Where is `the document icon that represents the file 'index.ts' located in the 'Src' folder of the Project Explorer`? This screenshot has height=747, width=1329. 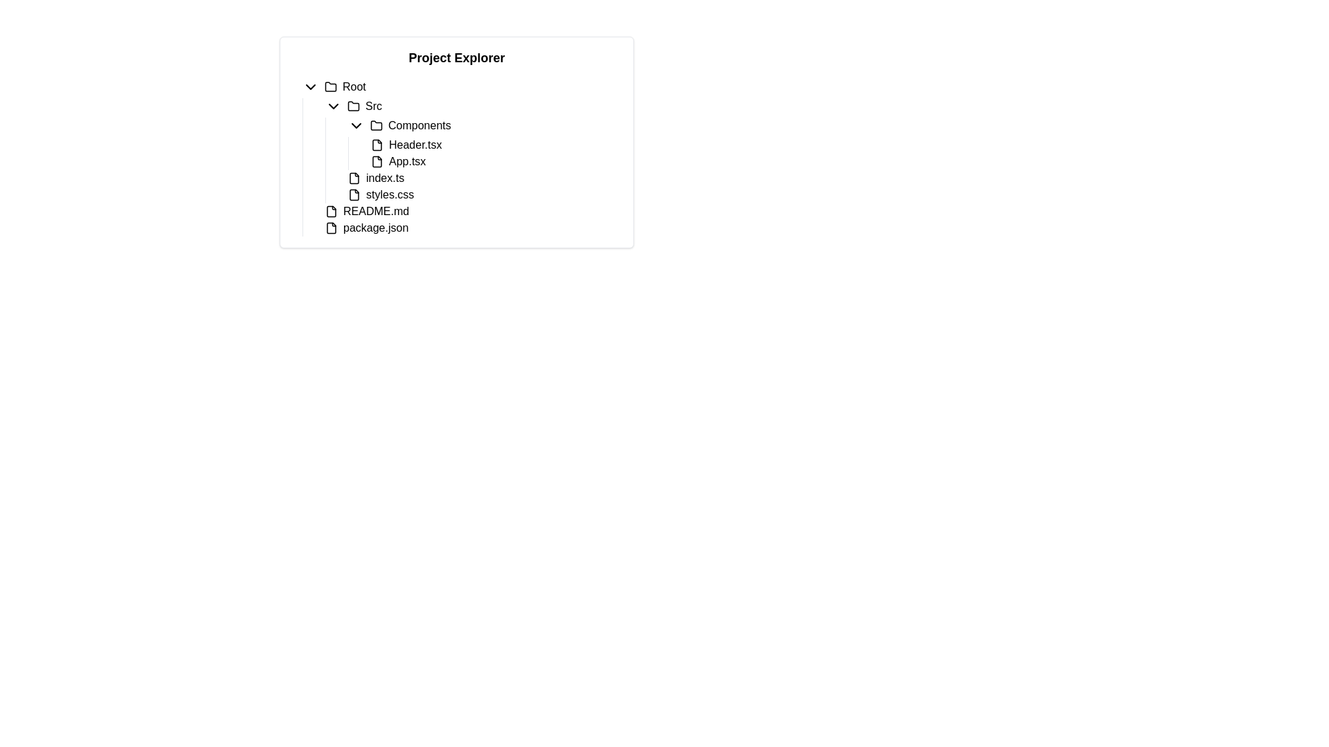
the document icon that represents the file 'index.ts' located in the 'Src' folder of the Project Explorer is located at coordinates (354, 178).